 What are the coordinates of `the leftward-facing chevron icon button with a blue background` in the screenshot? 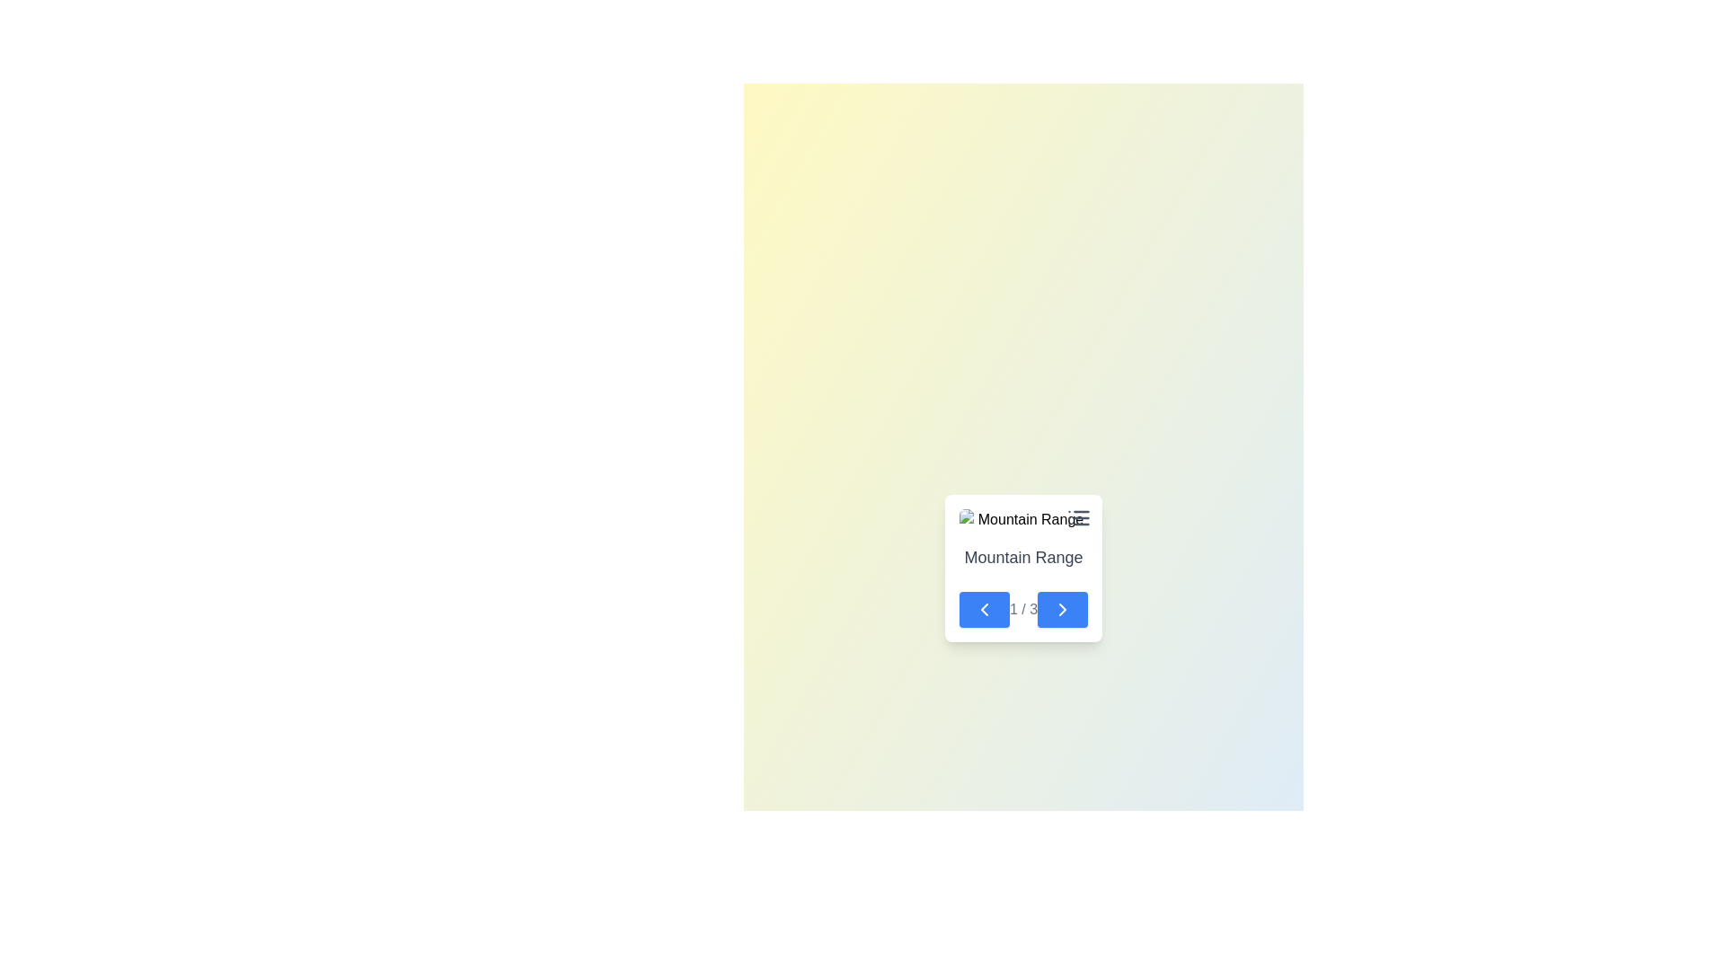 It's located at (983, 608).